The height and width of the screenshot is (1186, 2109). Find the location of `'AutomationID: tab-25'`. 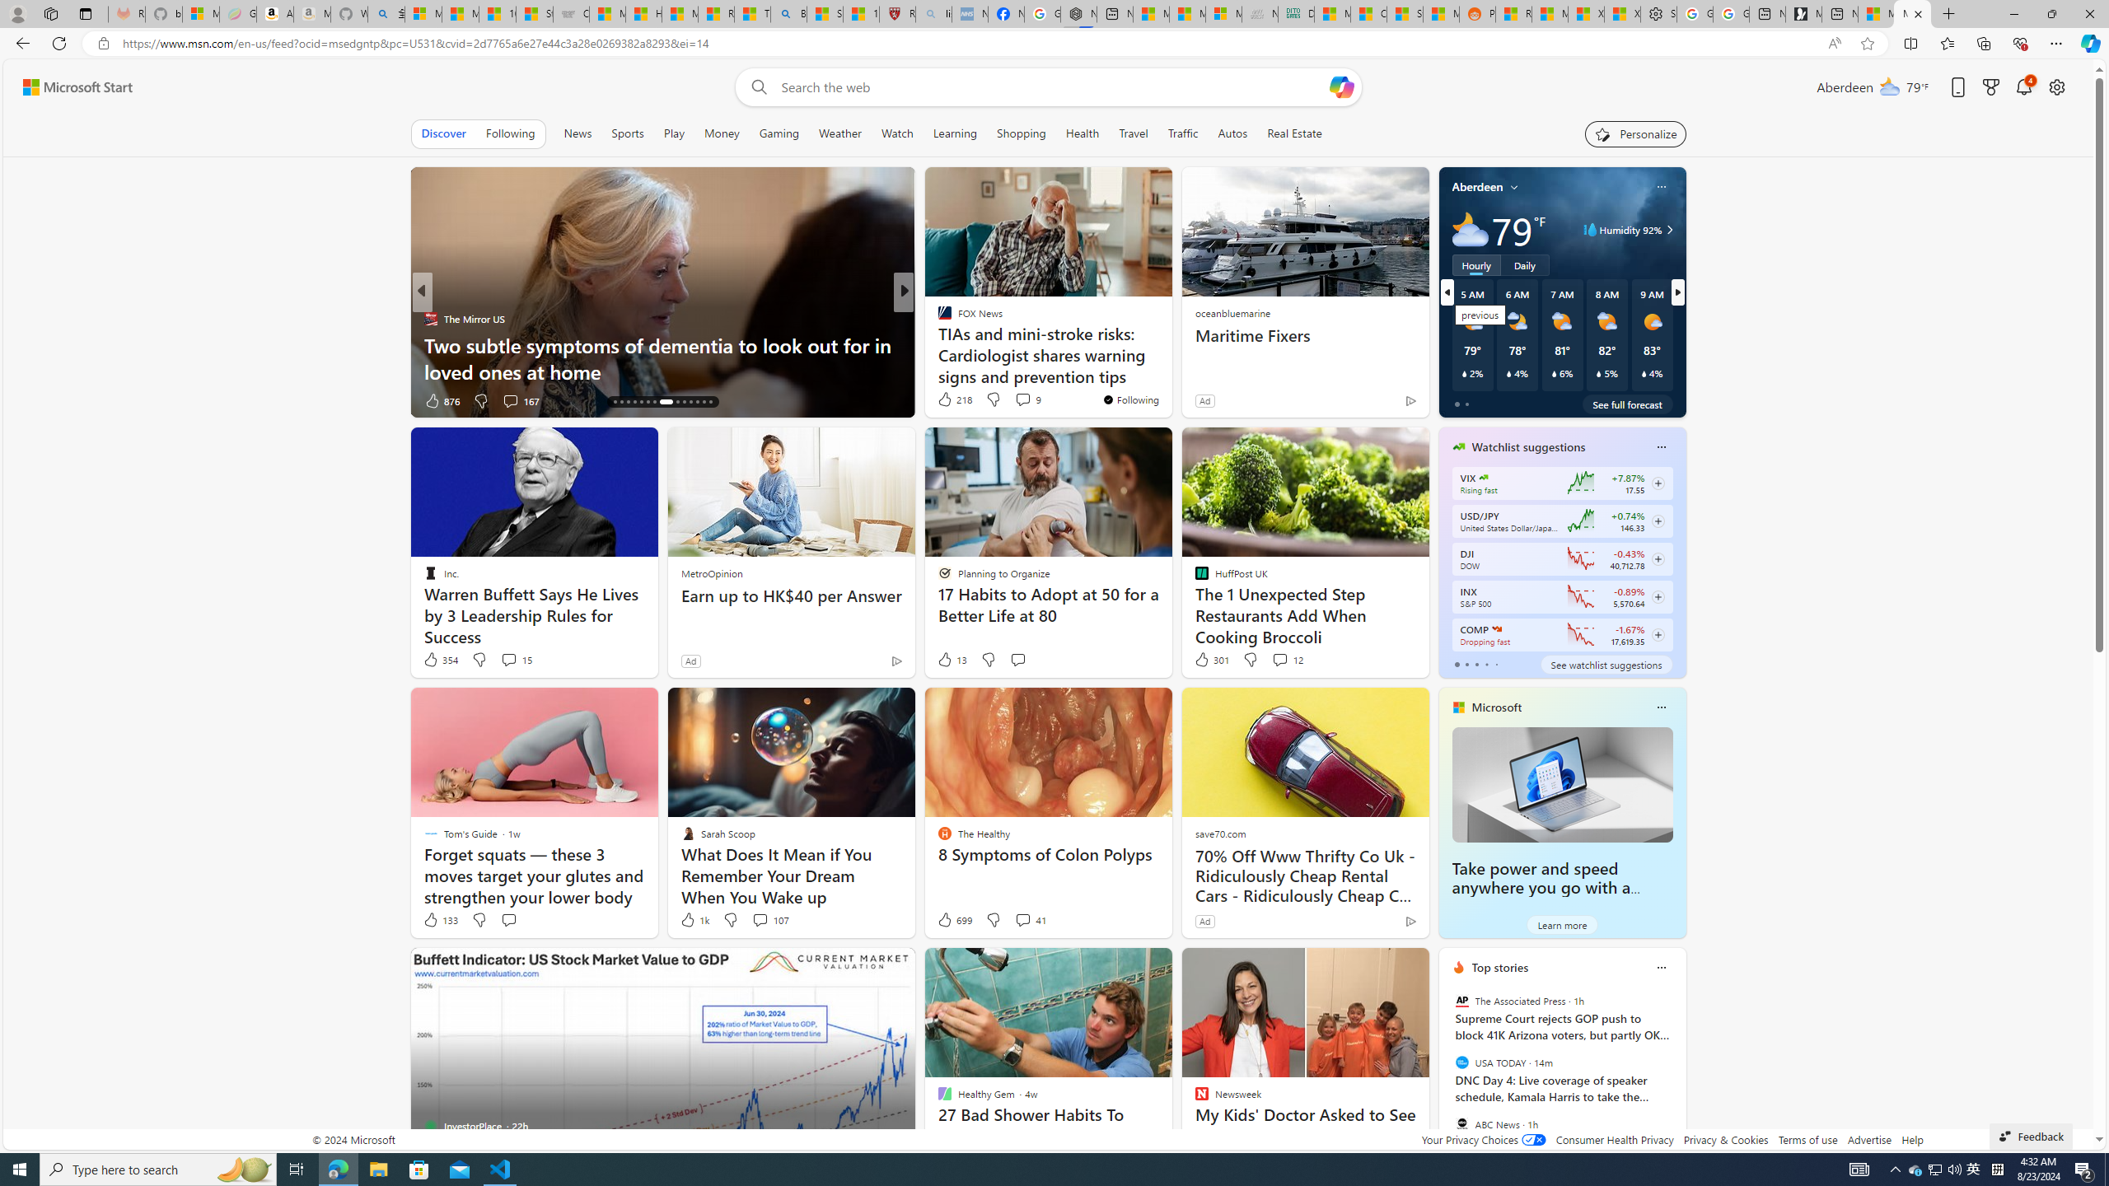

'AutomationID: tab-25' is located at coordinates (690, 401).